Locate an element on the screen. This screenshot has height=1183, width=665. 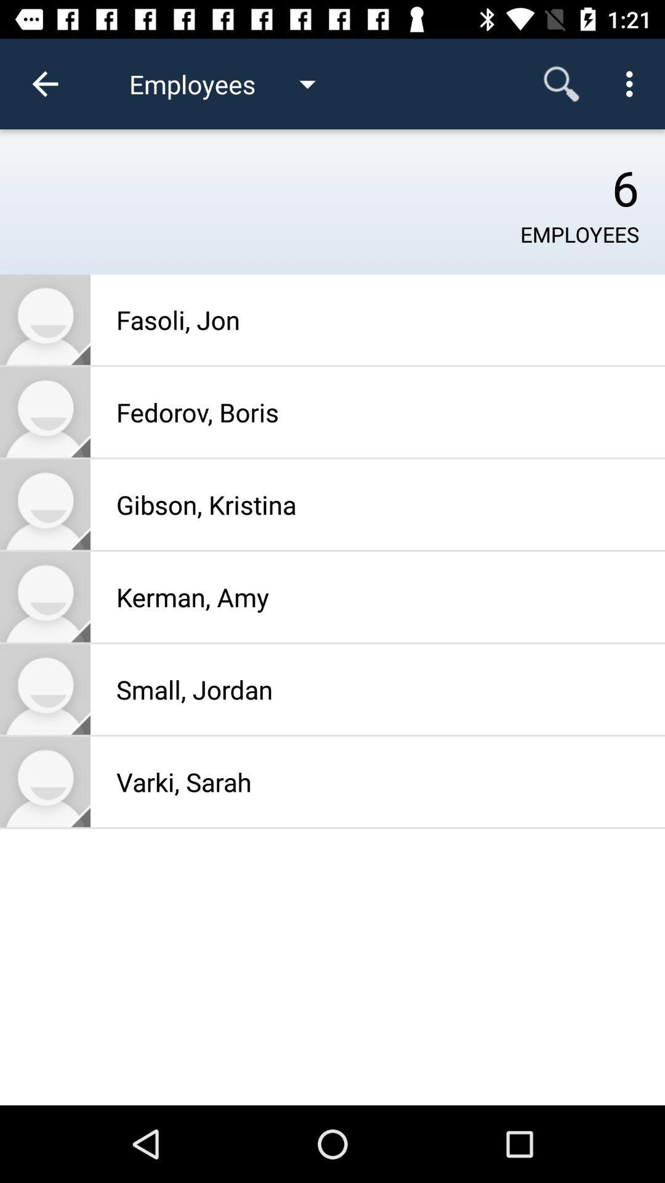
contact page is located at coordinates (44, 505).